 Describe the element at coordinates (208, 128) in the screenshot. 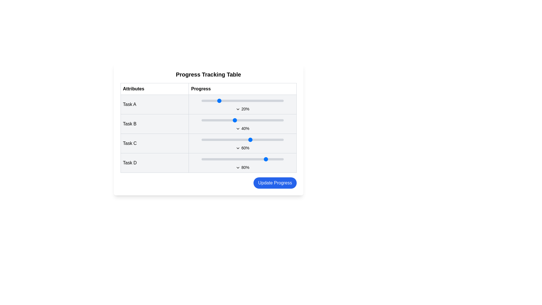

I see `the main tabular section of the 'Progress Tracking Table' which contains rows of tasks and progress indicators` at that location.